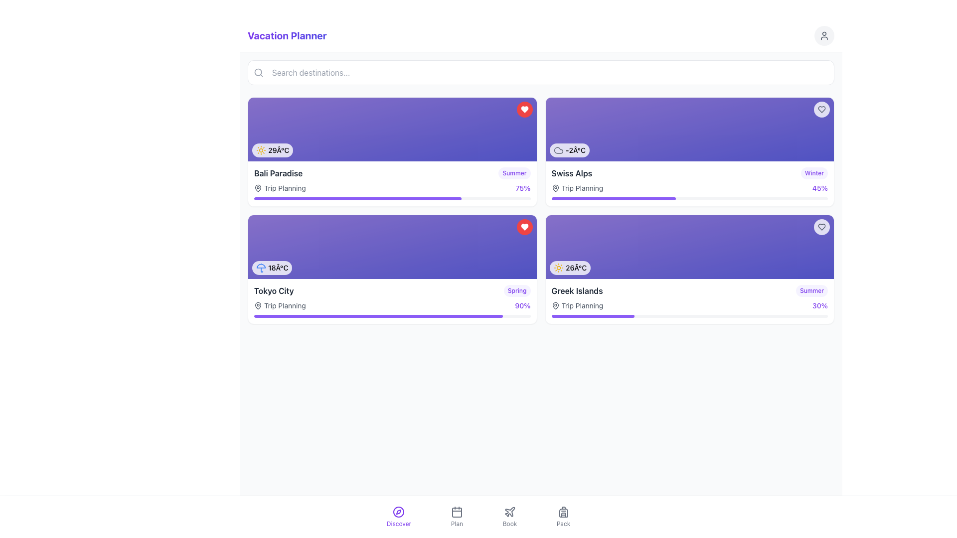  What do you see at coordinates (689, 129) in the screenshot?
I see `the weather card element displaying a temperature of '-2°C'` at bounding box center [689, 129].